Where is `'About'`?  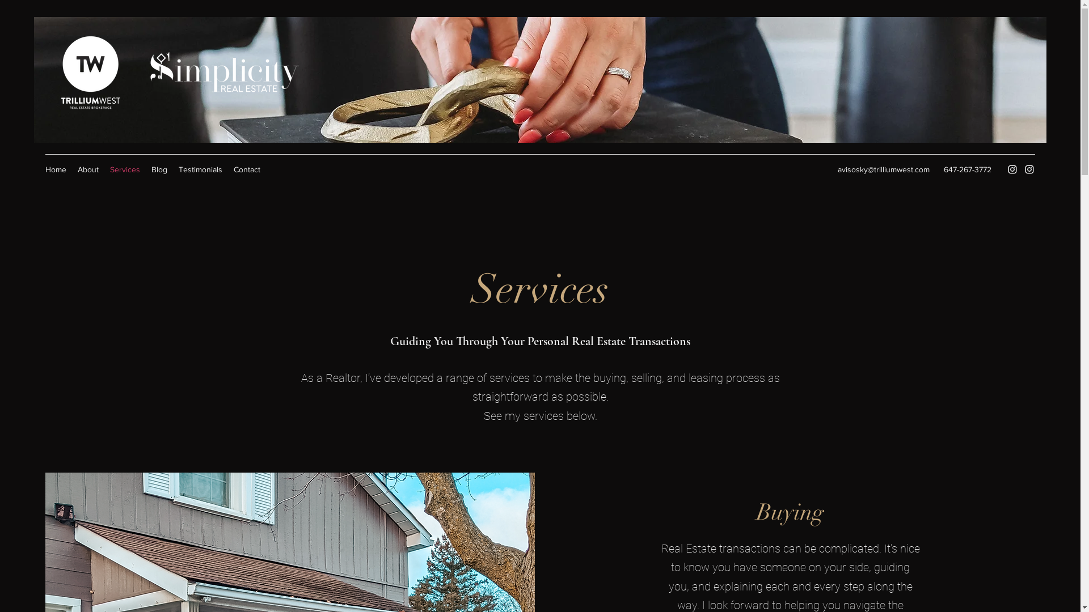 'About' is located at coordinates (71, 169).